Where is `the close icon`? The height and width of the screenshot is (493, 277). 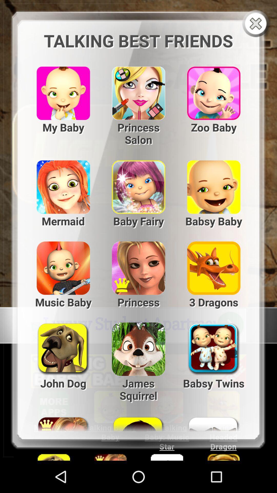 the close icon is located at coordinates (257, 26).